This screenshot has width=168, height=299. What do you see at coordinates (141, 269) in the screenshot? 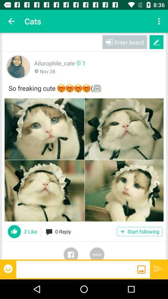
I see `the wallpaper icon` at bounding box center [141, 269].